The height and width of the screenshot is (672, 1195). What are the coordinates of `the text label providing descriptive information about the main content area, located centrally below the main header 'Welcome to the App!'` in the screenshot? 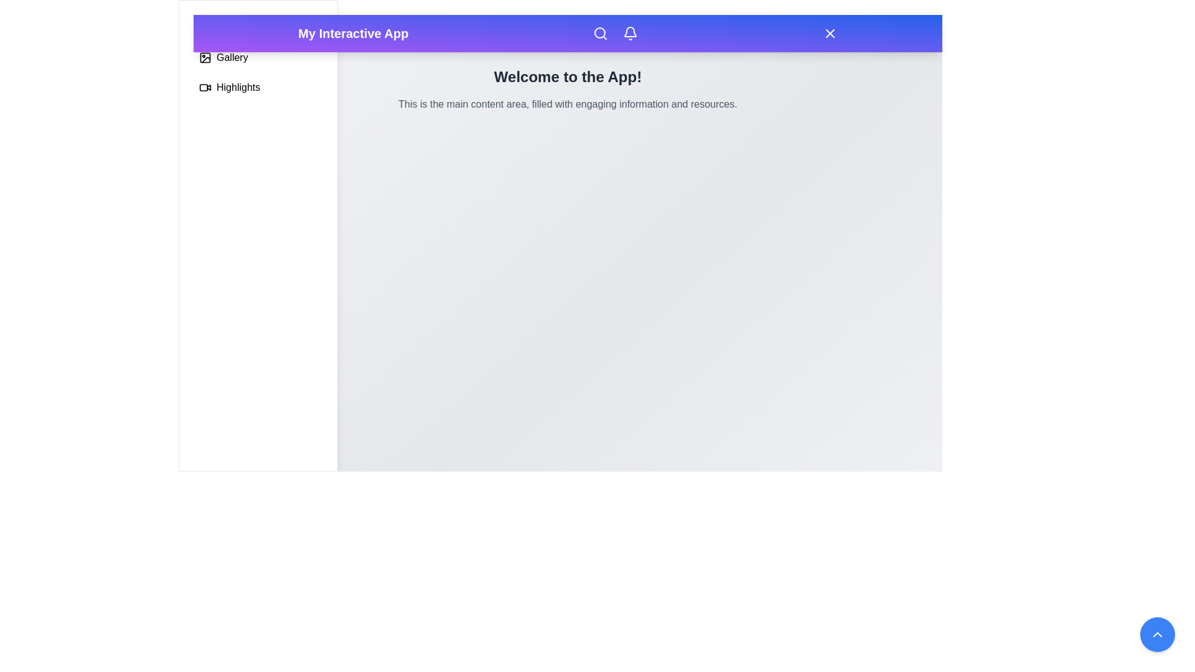 It's located at (567, 104).